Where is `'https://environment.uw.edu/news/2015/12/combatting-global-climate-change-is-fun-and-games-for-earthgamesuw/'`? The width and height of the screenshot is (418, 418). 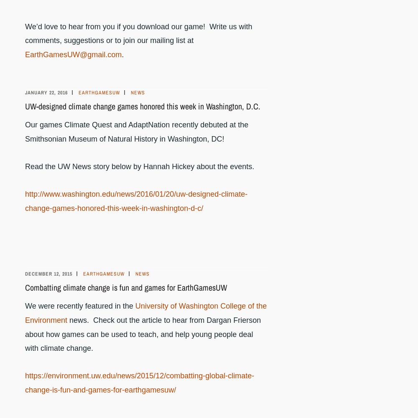 'https://environment.uw.edu/news/2015/12/combatting-global-climate-change-is-fun-and-games-for-earthgamesuw/' is located at coordinates (25, 383).